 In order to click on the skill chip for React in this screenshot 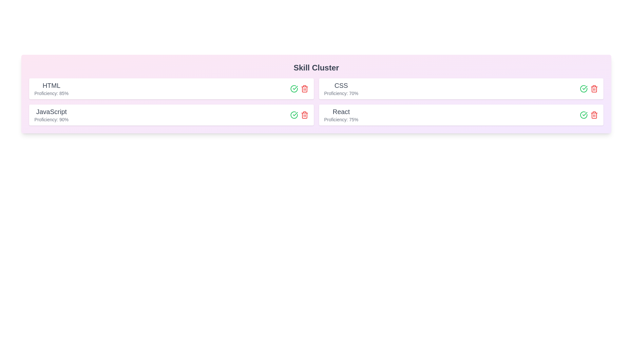, I will do `click(461, 115)`.